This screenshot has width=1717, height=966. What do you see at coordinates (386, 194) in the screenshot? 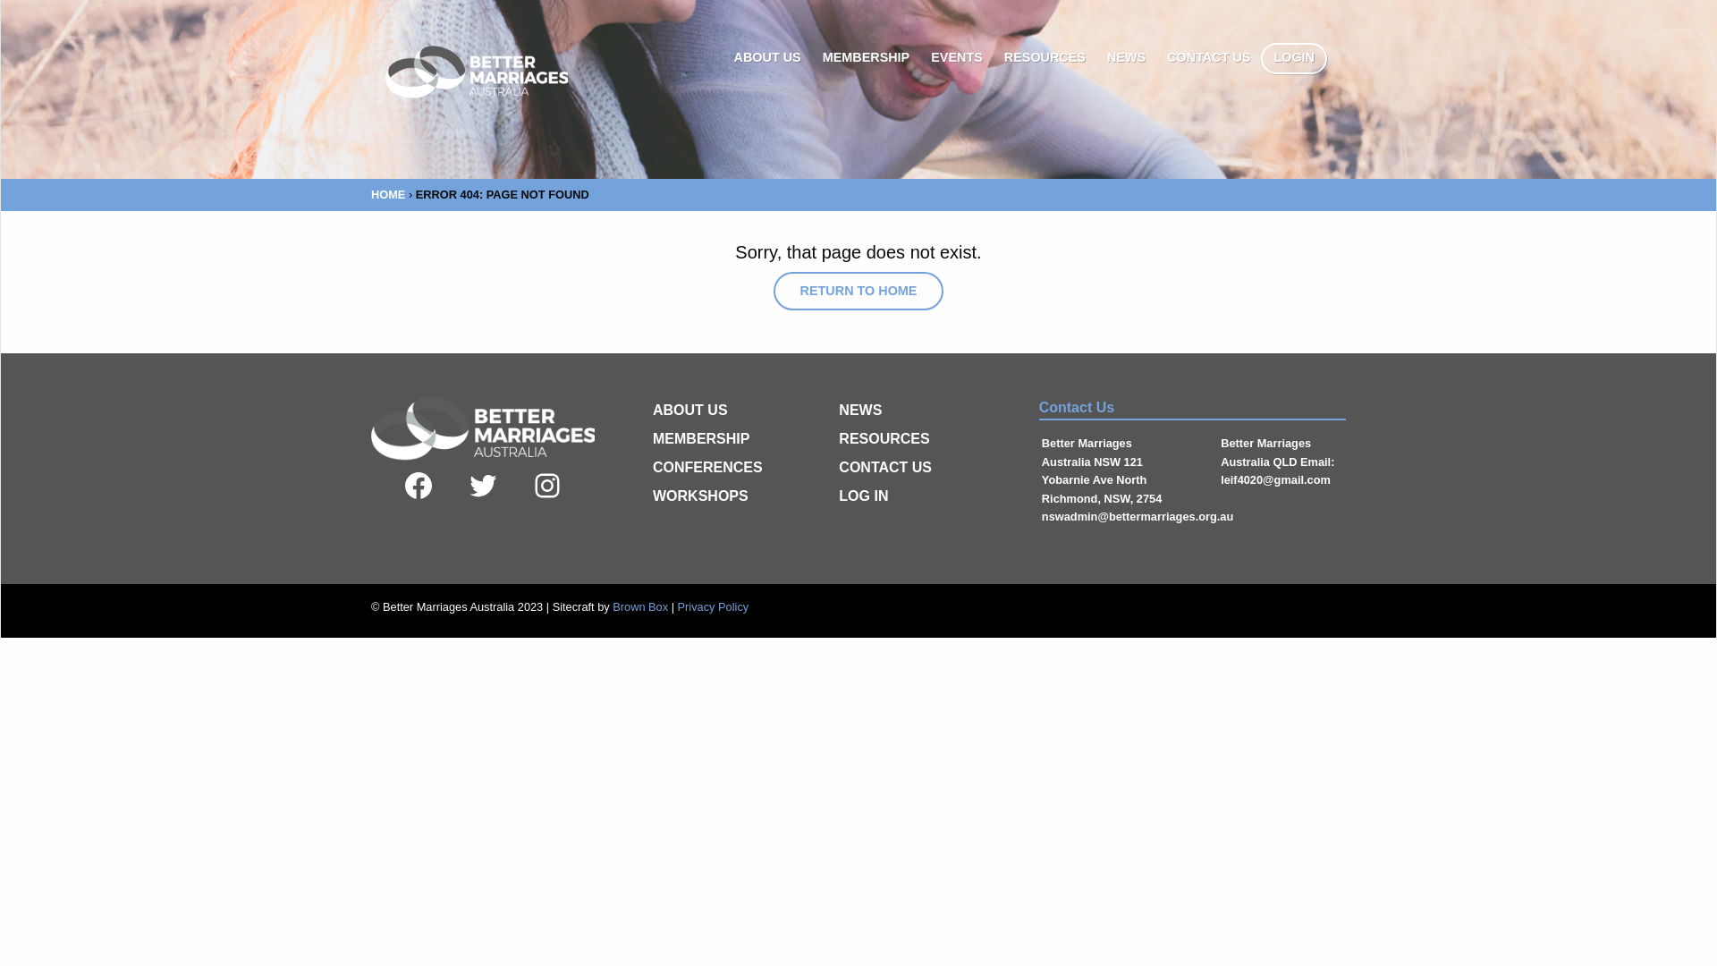
I see `'HOME'` at bounding box center [386, 194].